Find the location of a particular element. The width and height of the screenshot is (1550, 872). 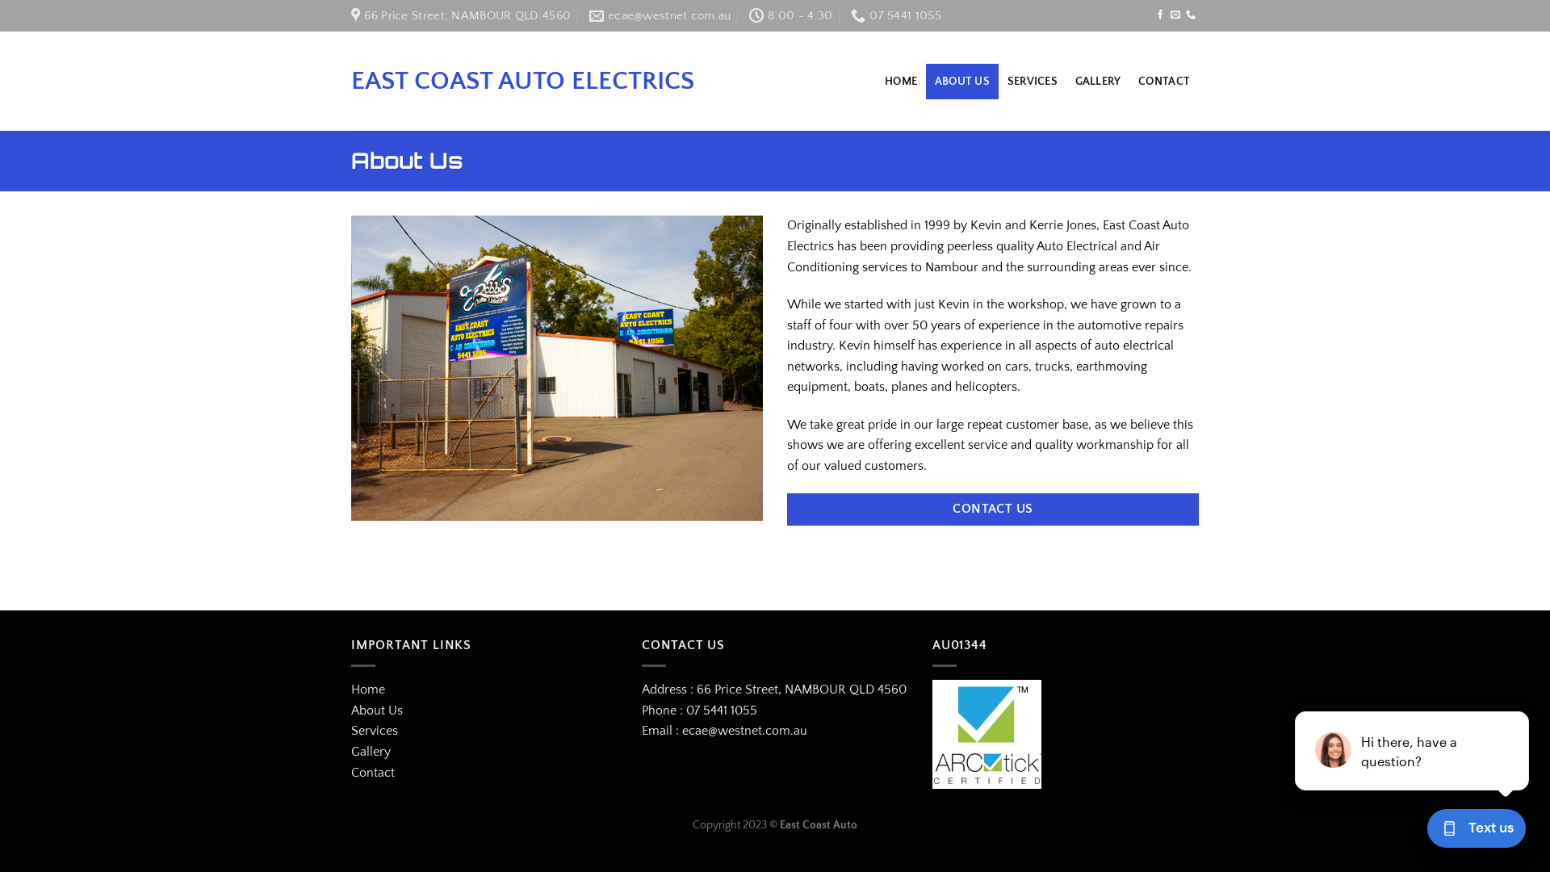

'SERVICES' is located at coordinates (1031, 81).